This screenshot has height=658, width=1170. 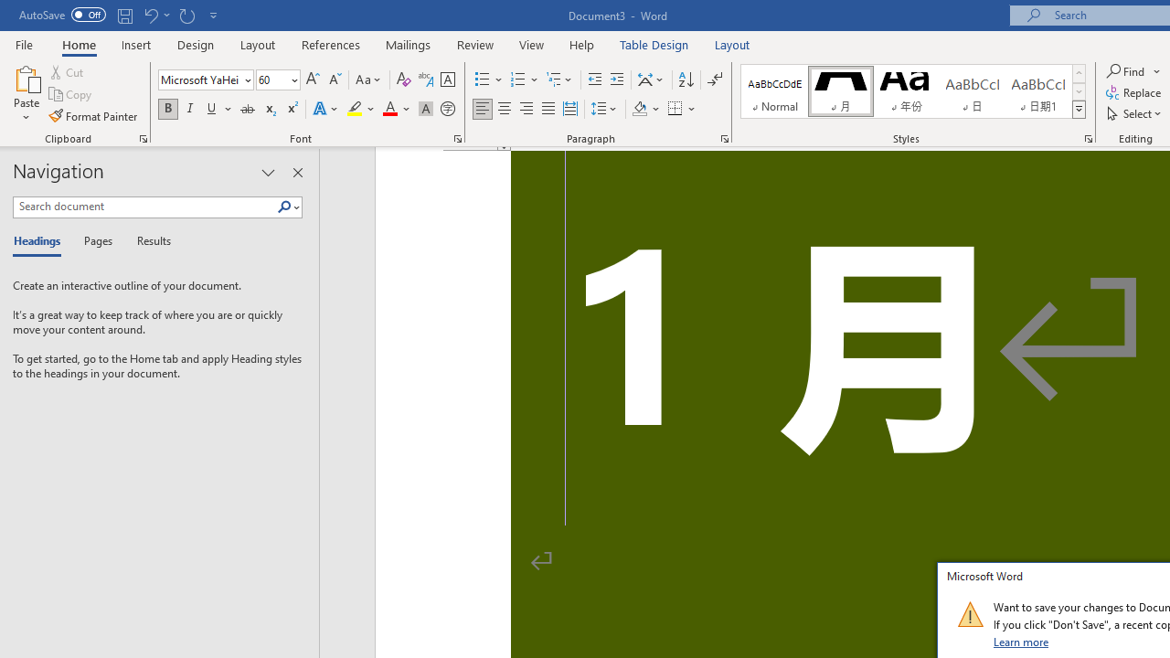 I want to click on 'Grow Font', so click(x=313, y=79).